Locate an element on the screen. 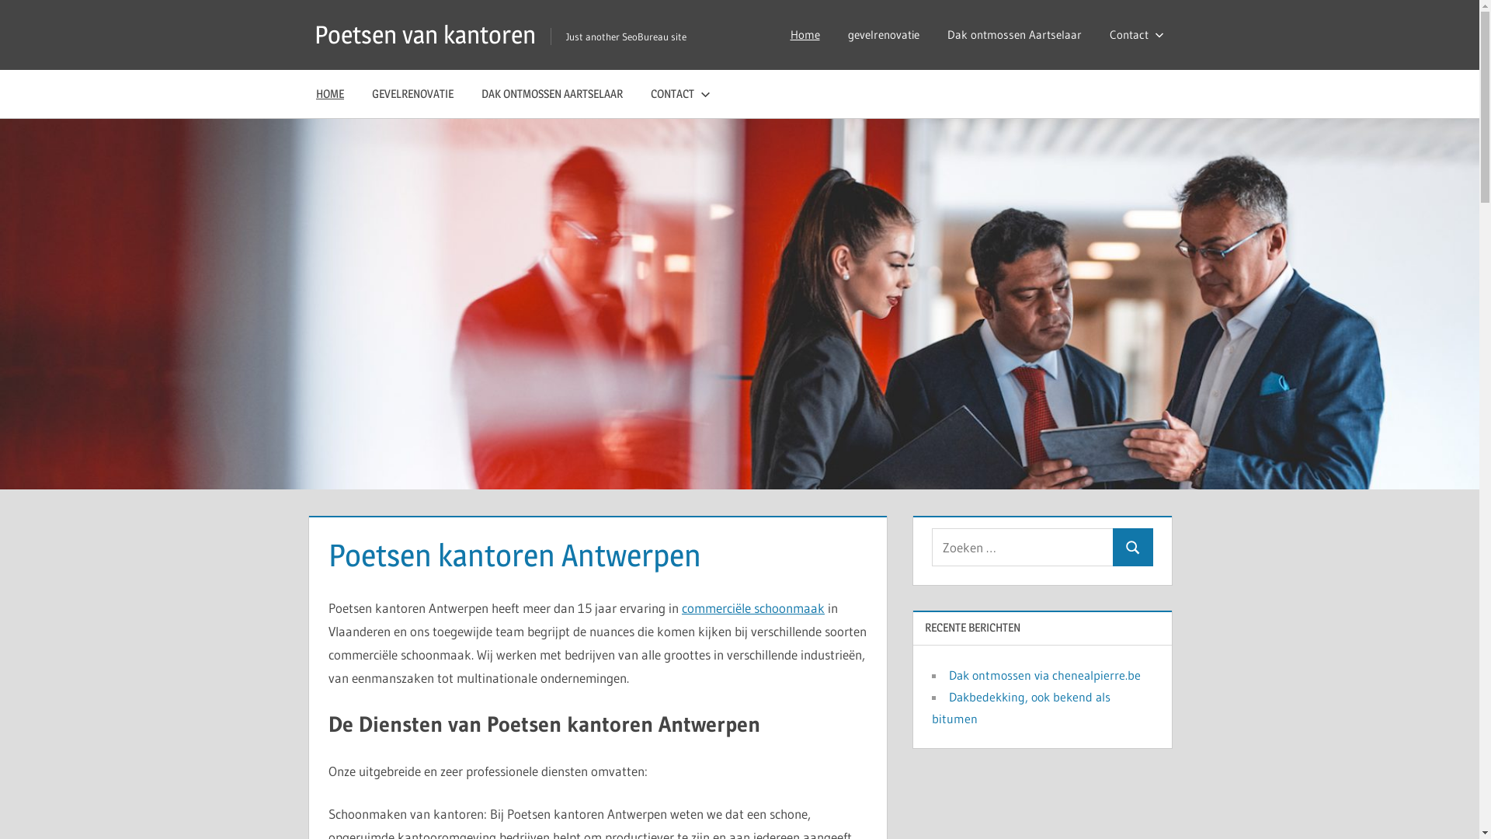  'CONTACT' is located at coordinates (677, 93).